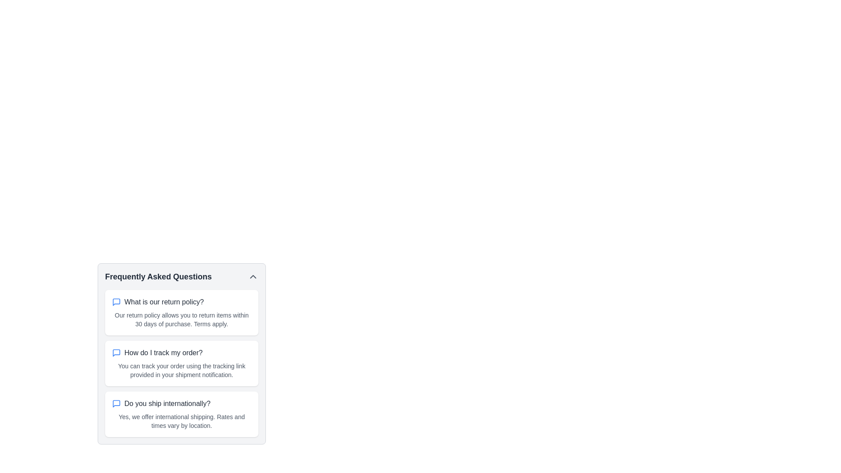  I want to click on the clickable text element labeled 'What is our return policy?' with a chat bubble icon, located at the top of the frequently asked questions list, so click(181, 302).